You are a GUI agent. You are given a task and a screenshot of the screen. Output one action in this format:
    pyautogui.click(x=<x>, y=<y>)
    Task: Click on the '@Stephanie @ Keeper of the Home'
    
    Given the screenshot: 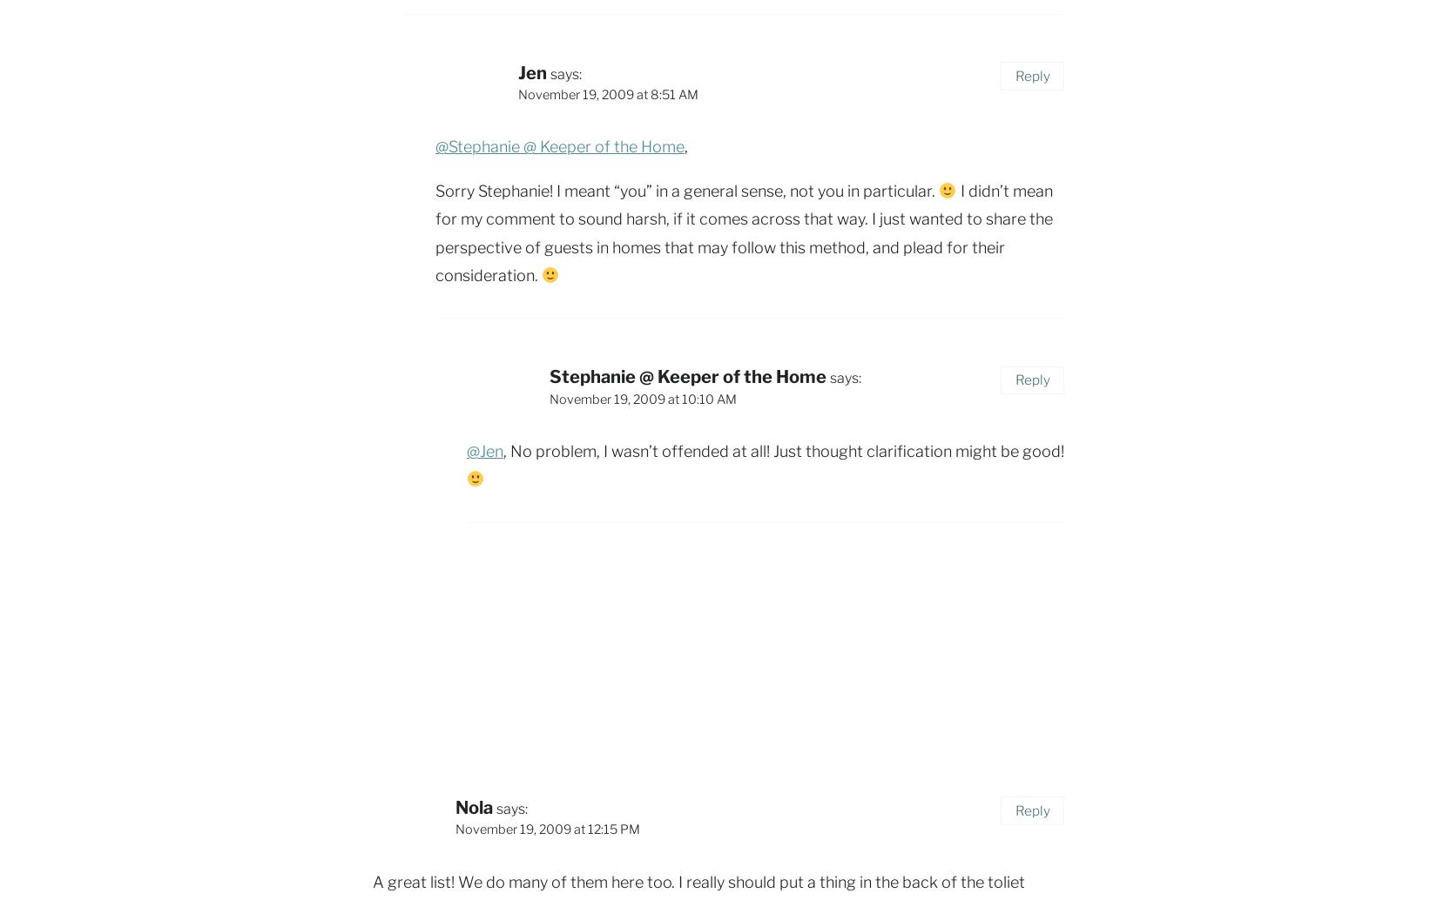 What is the action you would take?
    pyautogui.click(x=559, y=146)
    